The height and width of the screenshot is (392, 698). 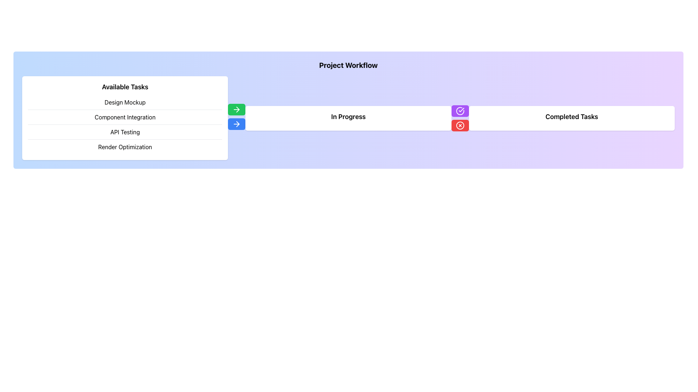 I want to click on the cancel button located in the 'In Progress' section, which is the second button to the right of the purple edit button, to trigger its hover effect, so click(x=460, y=125).